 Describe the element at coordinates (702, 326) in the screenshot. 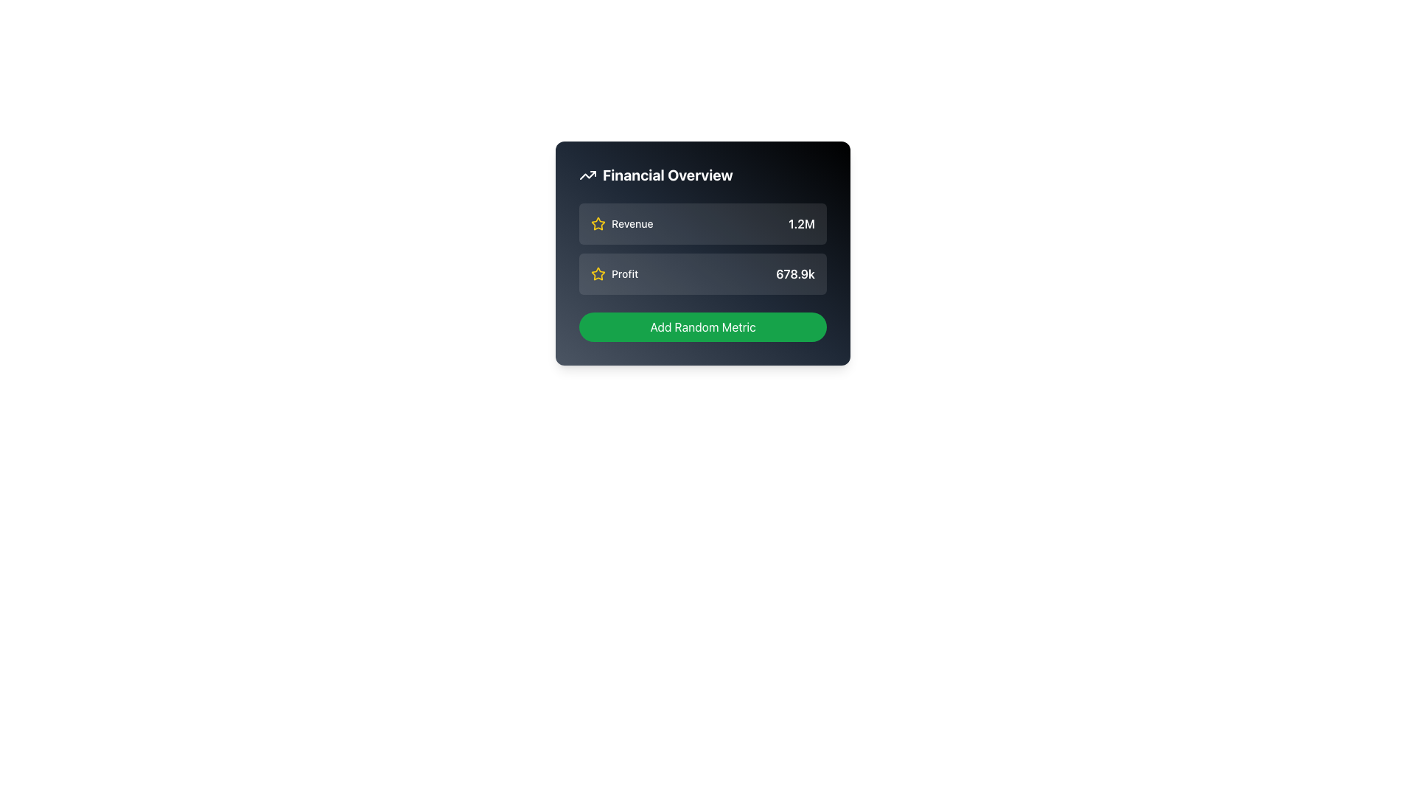

I see `keyboard navigation` at that location.